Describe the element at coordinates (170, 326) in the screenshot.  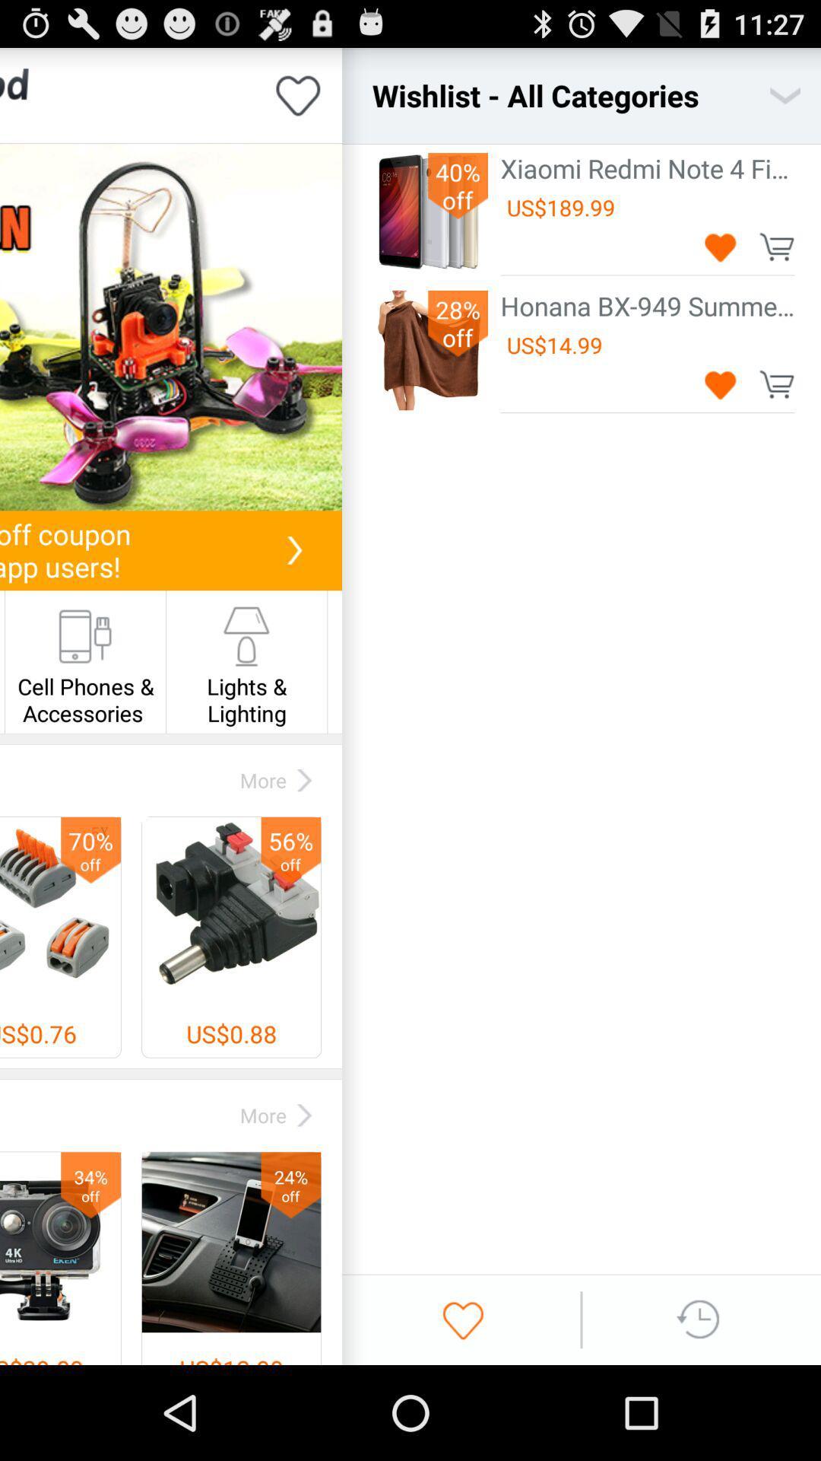
I see `open product page` at that location.